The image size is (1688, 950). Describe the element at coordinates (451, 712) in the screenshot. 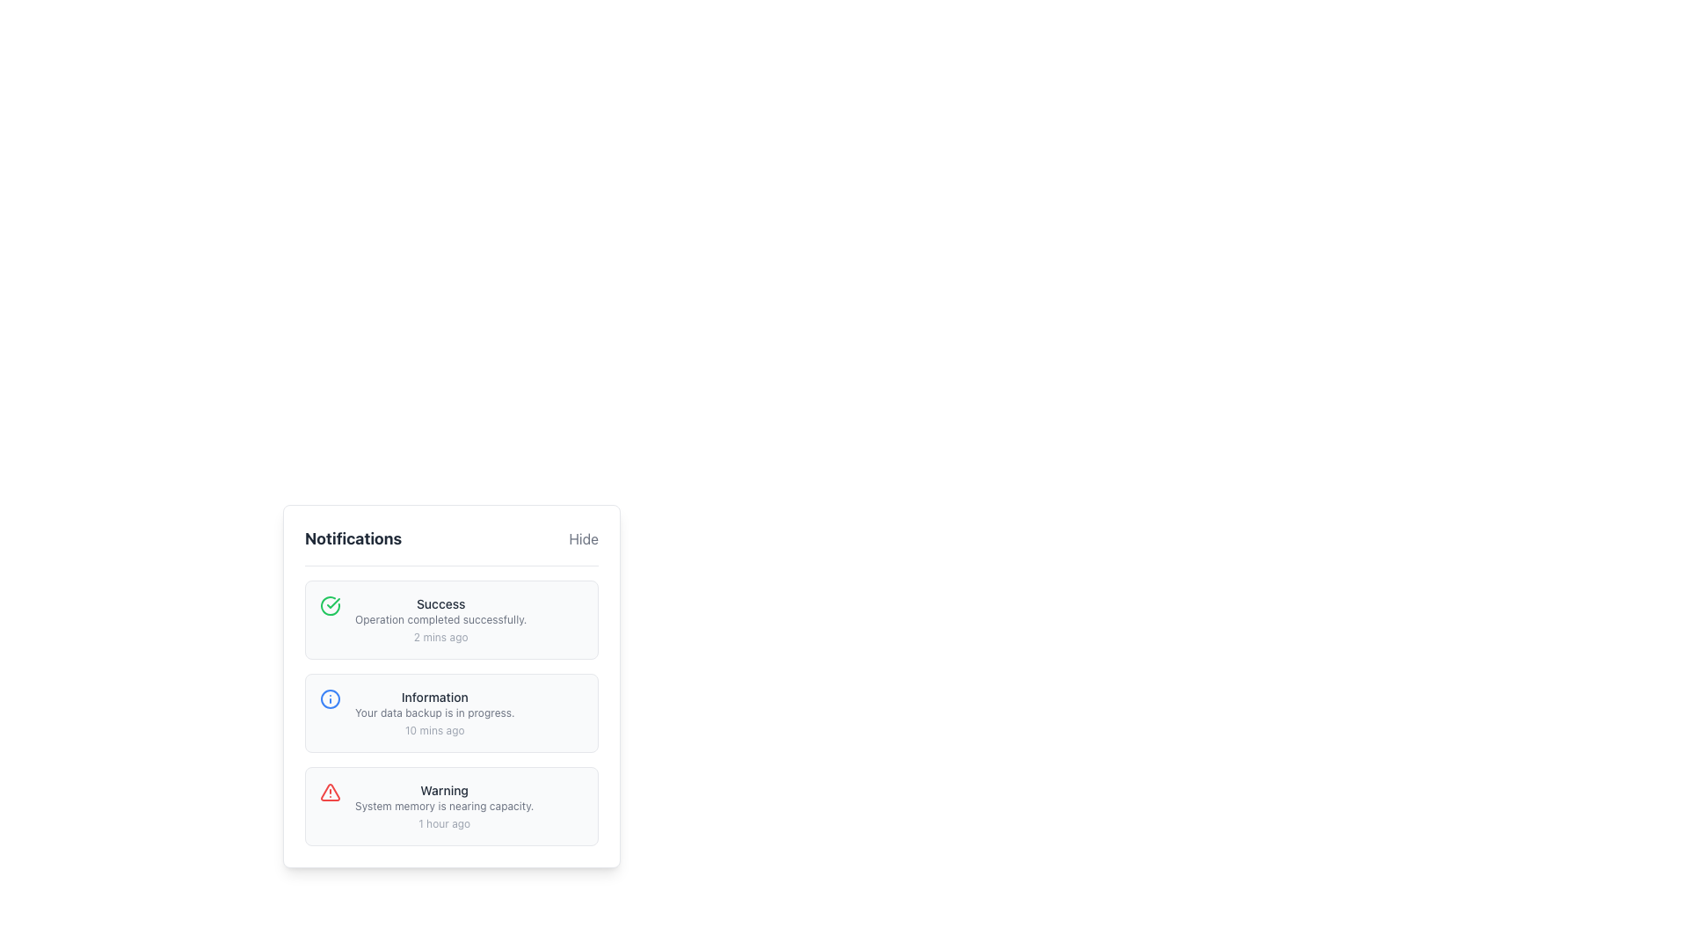

I see `the second notification card in the notifications panel, which features a light grey background, rounded corners, and contains an information icon along with the text 'Information' and backup status` at that location.